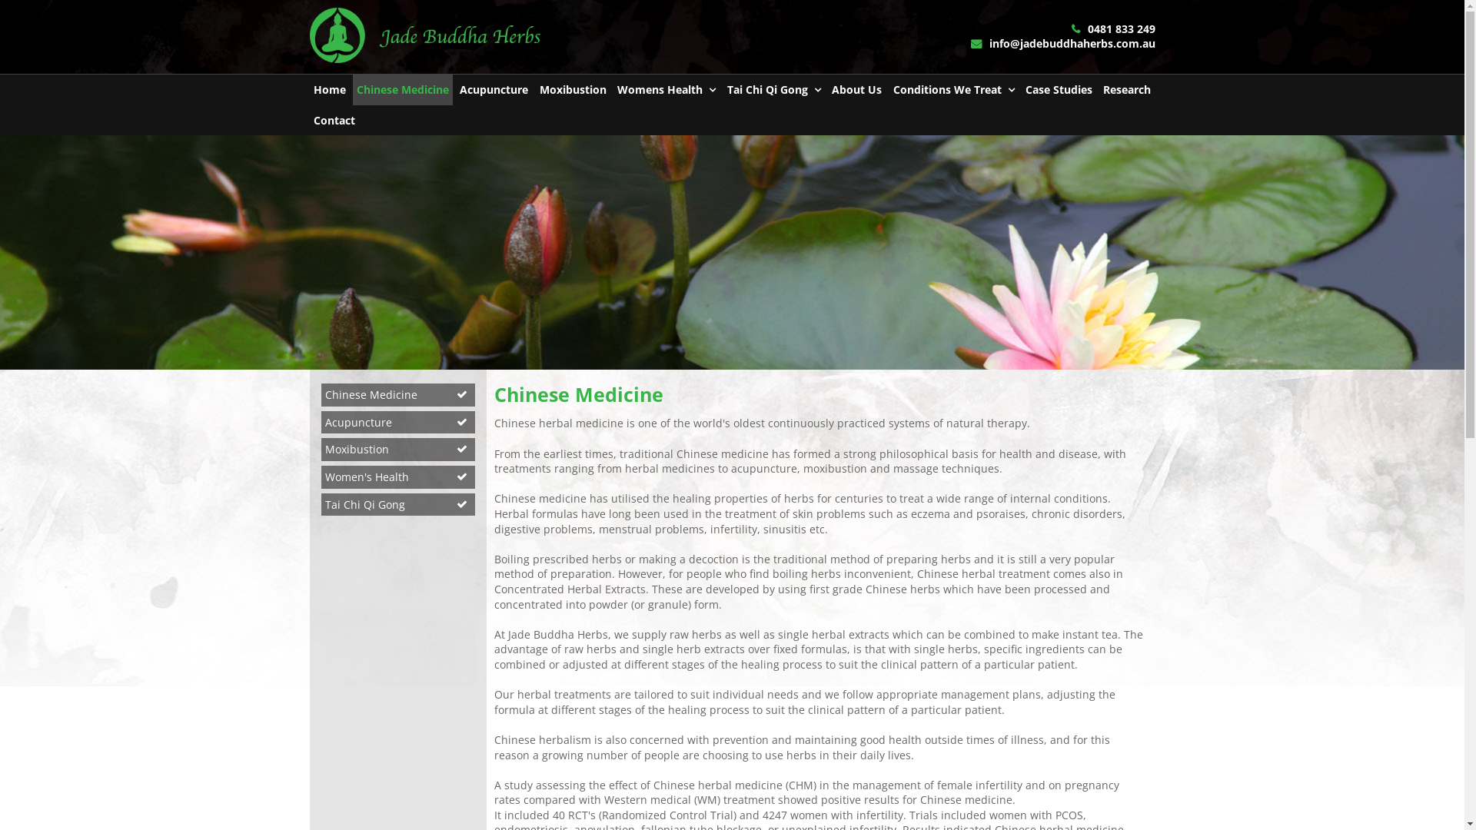 The height and width of the screenshot is (830, 1476). Describe the element at coordinates (1099, 89) in the screenshot. I see `'Research'` at that location.